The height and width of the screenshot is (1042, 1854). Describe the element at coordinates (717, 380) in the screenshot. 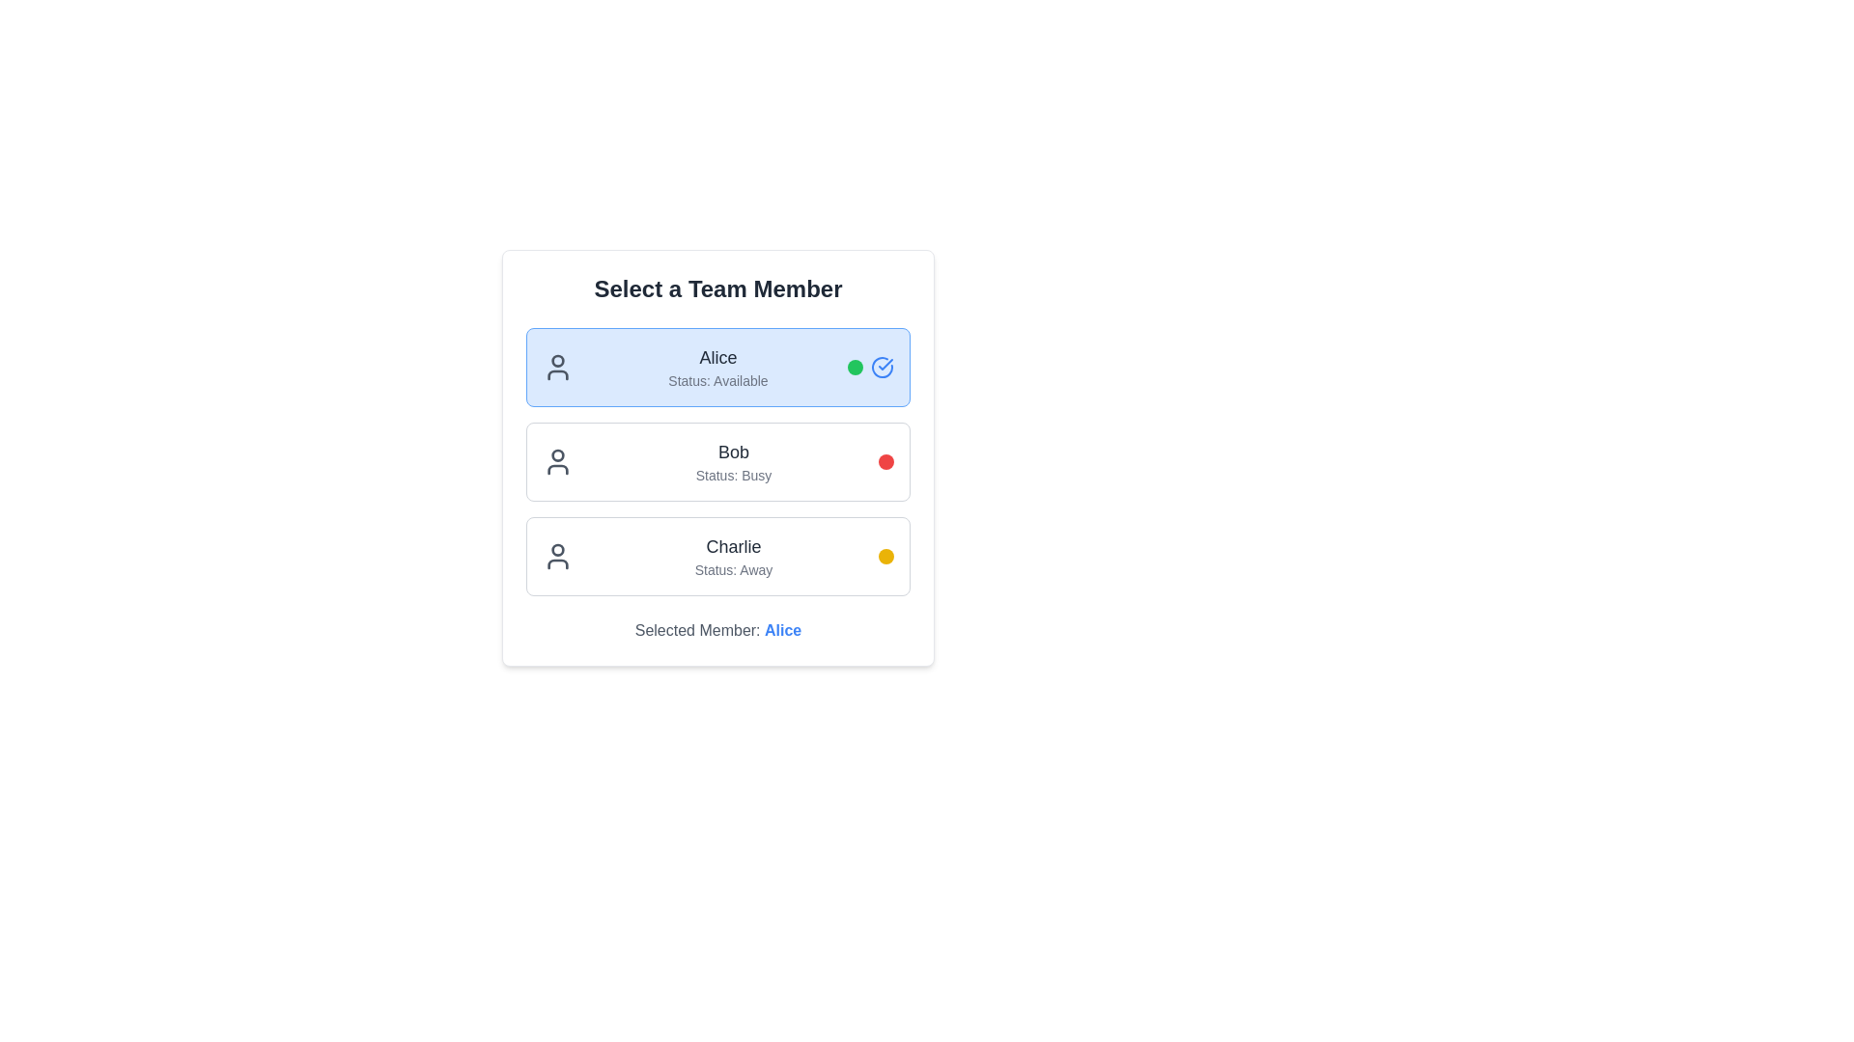

I see `the static text display showing the status 'Status: Available' that is located directly under the user's name 'Alice'` at that location.